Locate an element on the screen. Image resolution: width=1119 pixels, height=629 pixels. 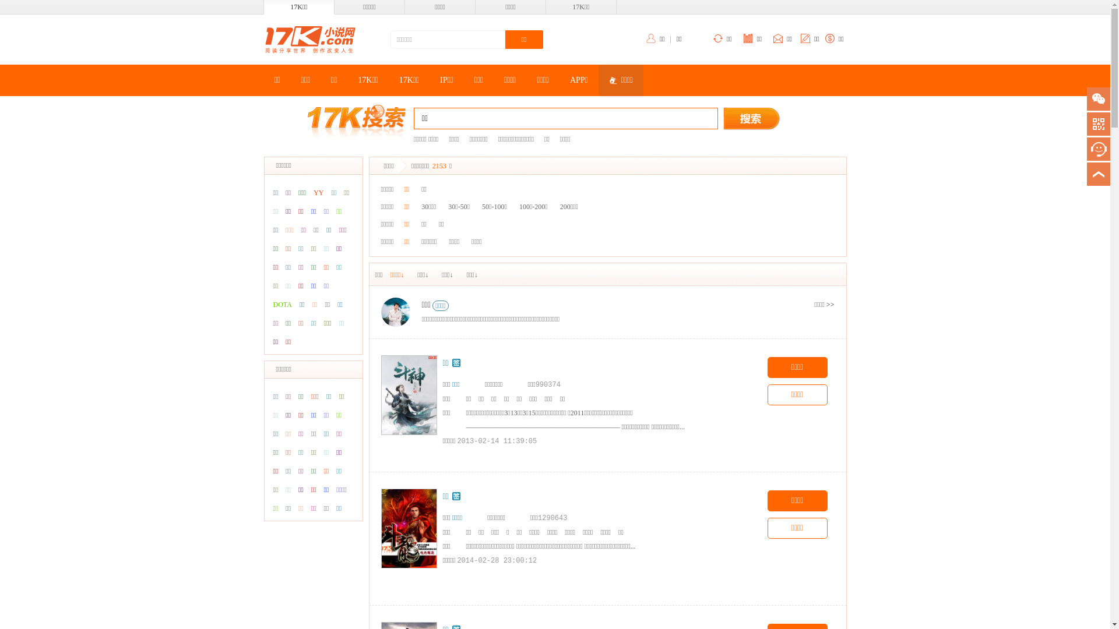
'YY' is located at coordinates (318, 192).